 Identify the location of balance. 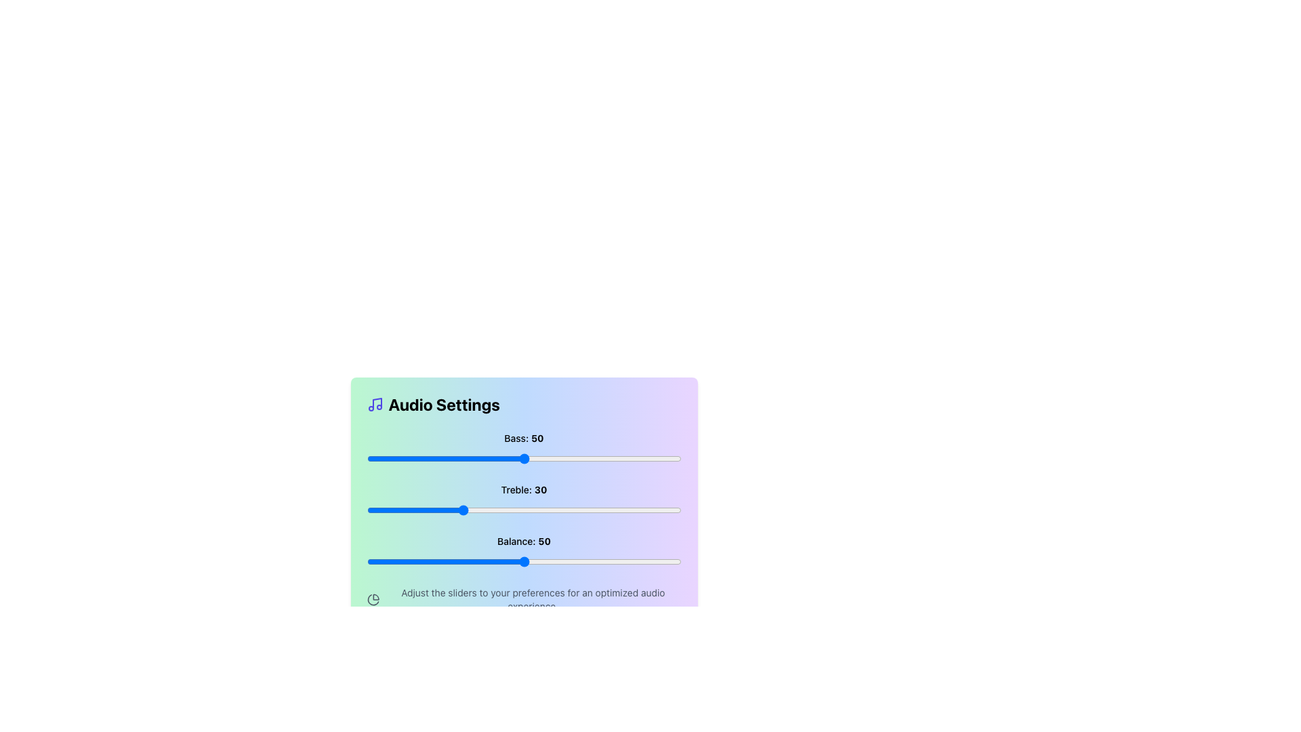
(498, 562).